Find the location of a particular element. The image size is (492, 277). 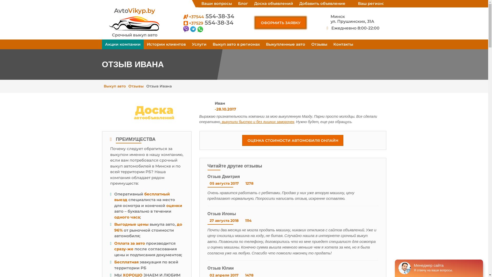

'+37544 554-38-34' is located at coordinates (208, 16).